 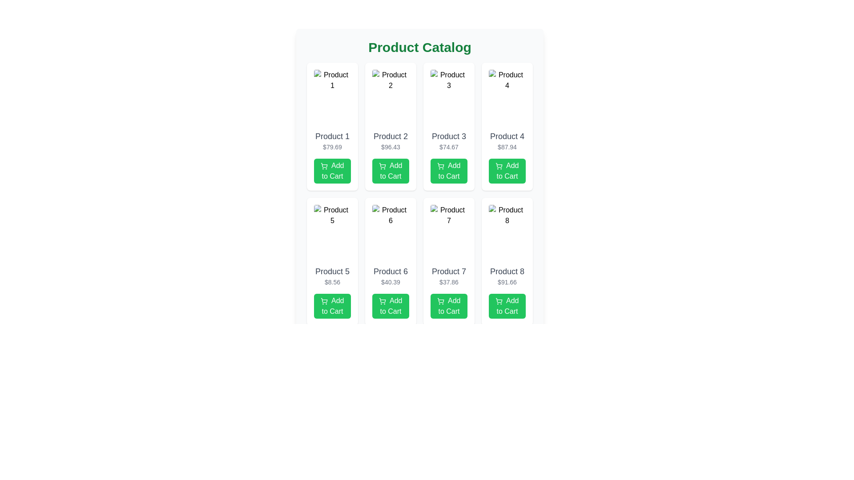 What do you see at coordinates (332, 147) in the screenshot?
I see `the price label for 'Product 1', which is located in the second row of text within the product card, directly below the product's name and above the 'Add to Cart' button` at bounding box center [332, 147].